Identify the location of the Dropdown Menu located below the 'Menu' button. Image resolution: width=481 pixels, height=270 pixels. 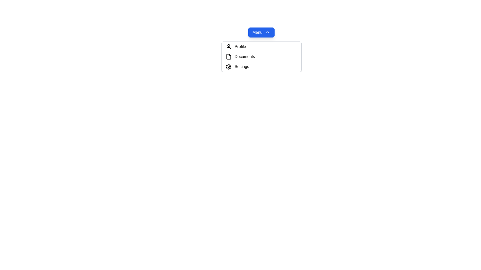
(261, 50).